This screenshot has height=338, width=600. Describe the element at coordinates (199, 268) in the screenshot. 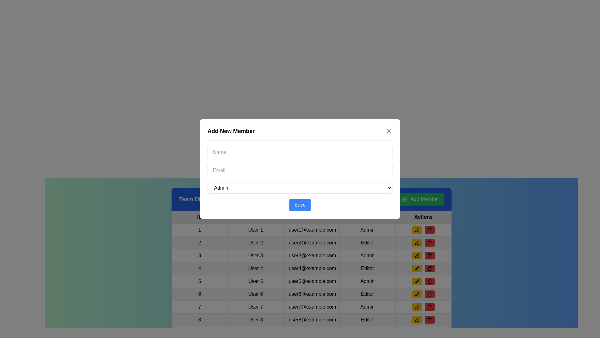

I see `the first cell in the fourth row of the table that displays the unique identifier '4', located under the 'ID' header` at that location.